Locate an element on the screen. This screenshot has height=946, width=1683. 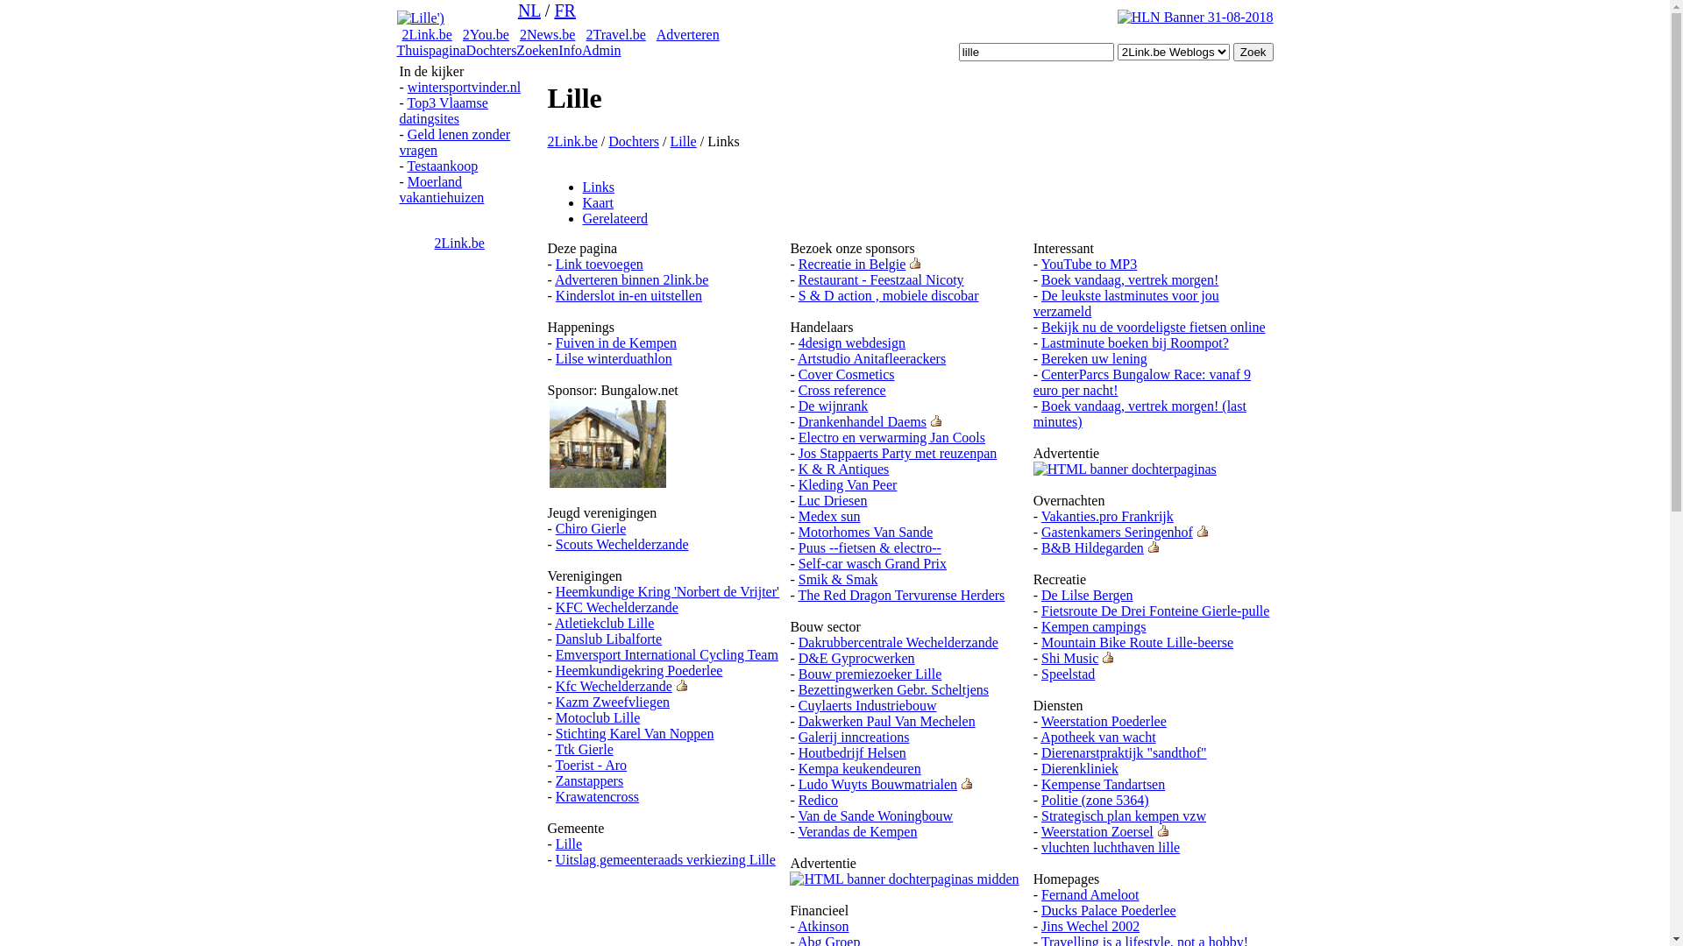
'2Travel.be' is located at coordinates (585, 34).